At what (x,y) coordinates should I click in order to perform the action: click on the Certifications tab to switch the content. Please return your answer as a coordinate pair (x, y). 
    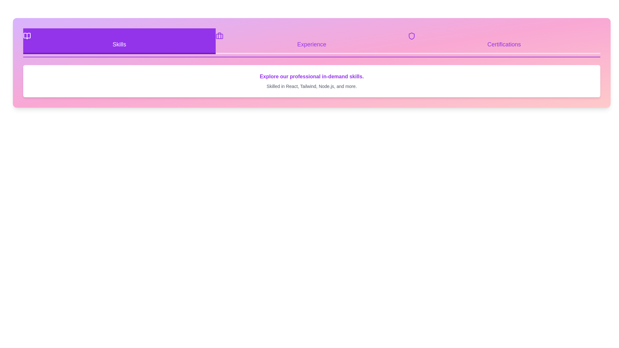
    Looking at the image, I should click on (504, 41).